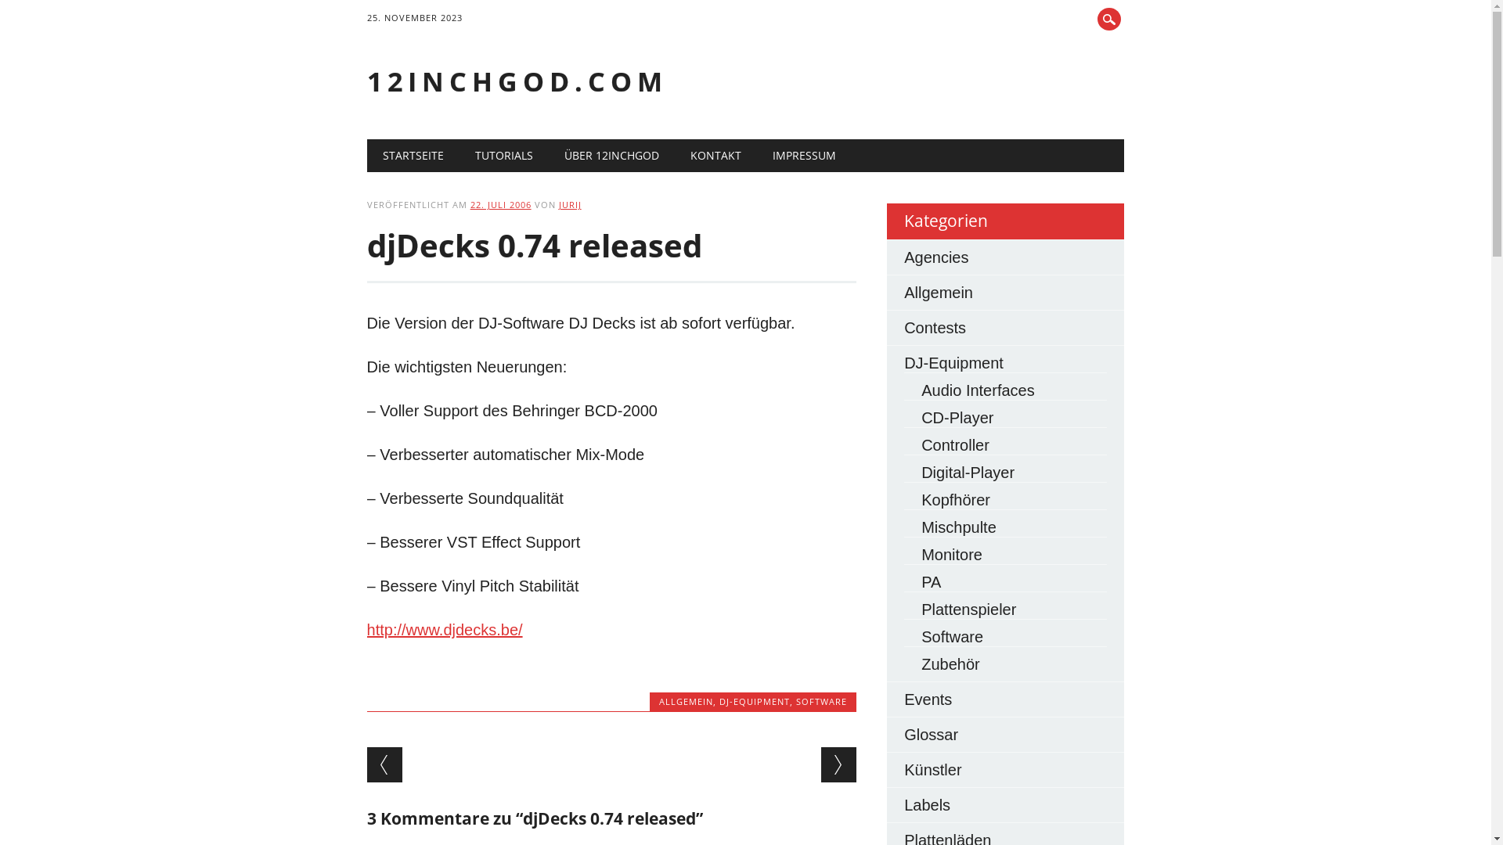  What do you see at coordinates (517, 81) in the screenshot?
I see `'12INCHGOD.COM'` at bounding box center [517, 81].